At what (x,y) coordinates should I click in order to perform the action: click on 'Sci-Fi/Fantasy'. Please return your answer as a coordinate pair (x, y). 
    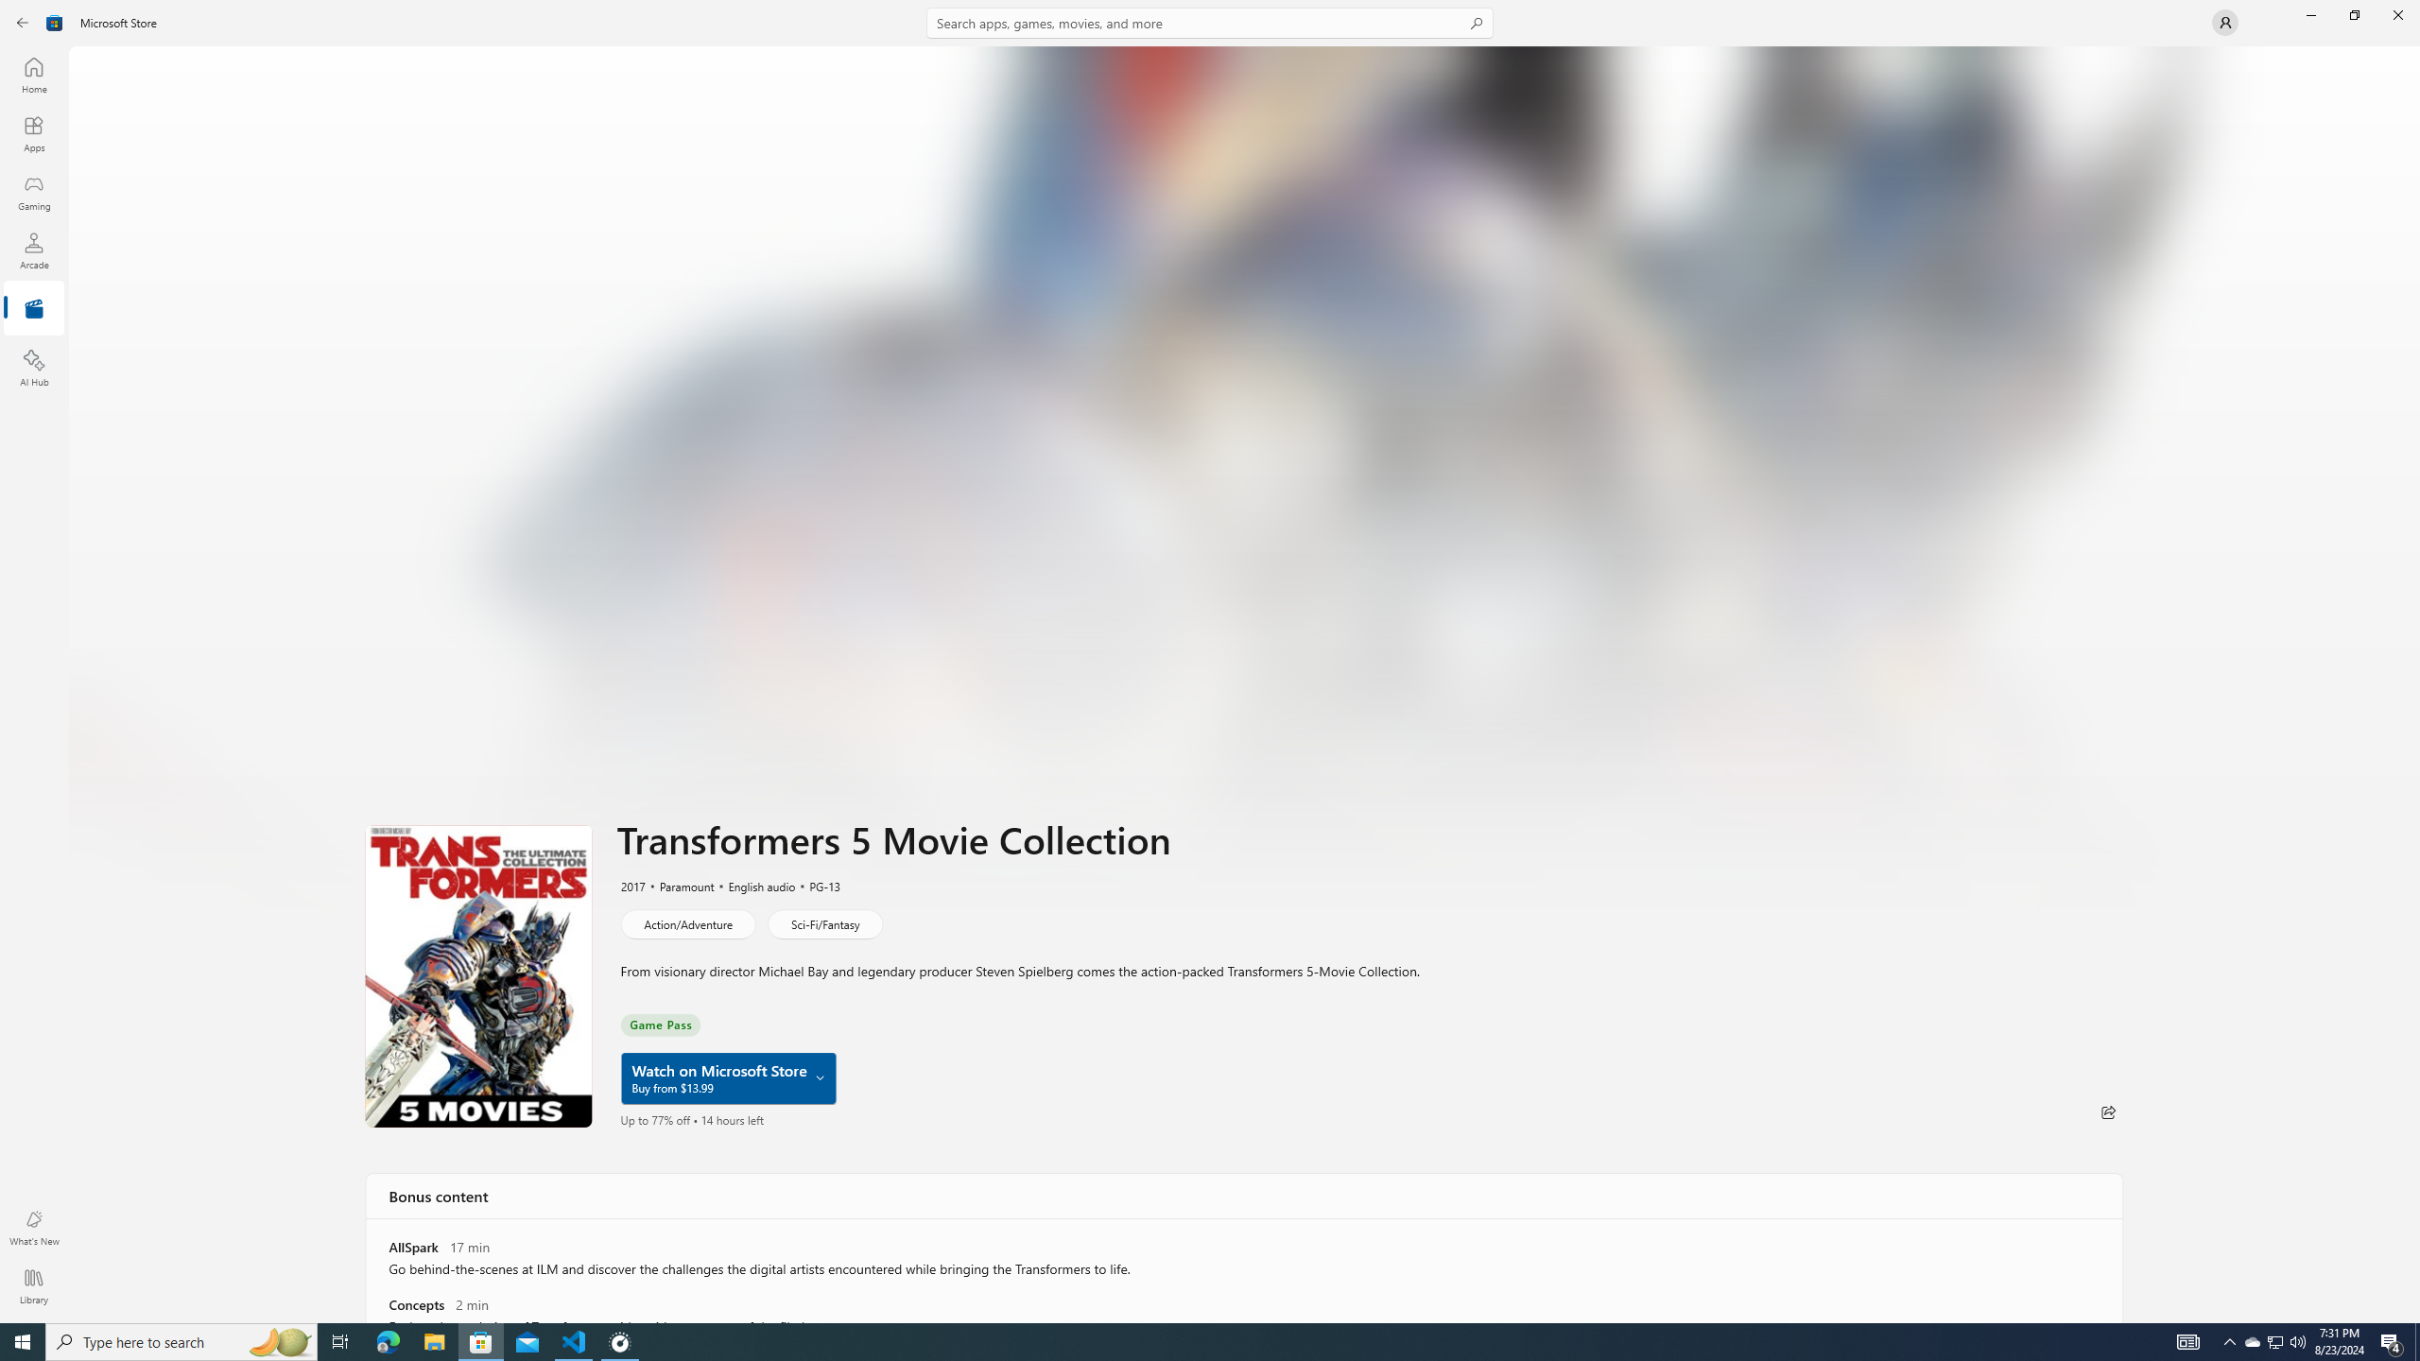
    Looking at the image, I should click on (824, 922).